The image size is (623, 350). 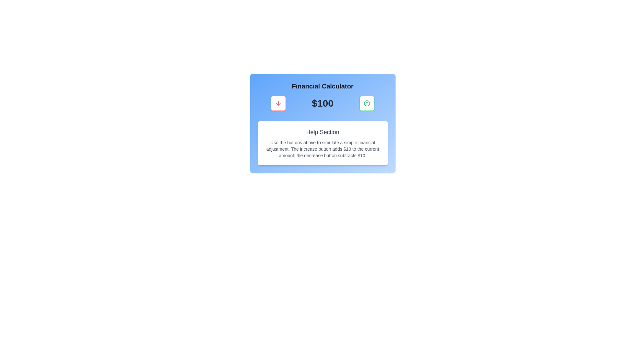 What do you see at coordinates (367, 103) in the screenshot?
I see `the circular button with a green border and upward arrow located in the top-right corner of the central widget of the financial calculator` at bounding box center [367, 103].